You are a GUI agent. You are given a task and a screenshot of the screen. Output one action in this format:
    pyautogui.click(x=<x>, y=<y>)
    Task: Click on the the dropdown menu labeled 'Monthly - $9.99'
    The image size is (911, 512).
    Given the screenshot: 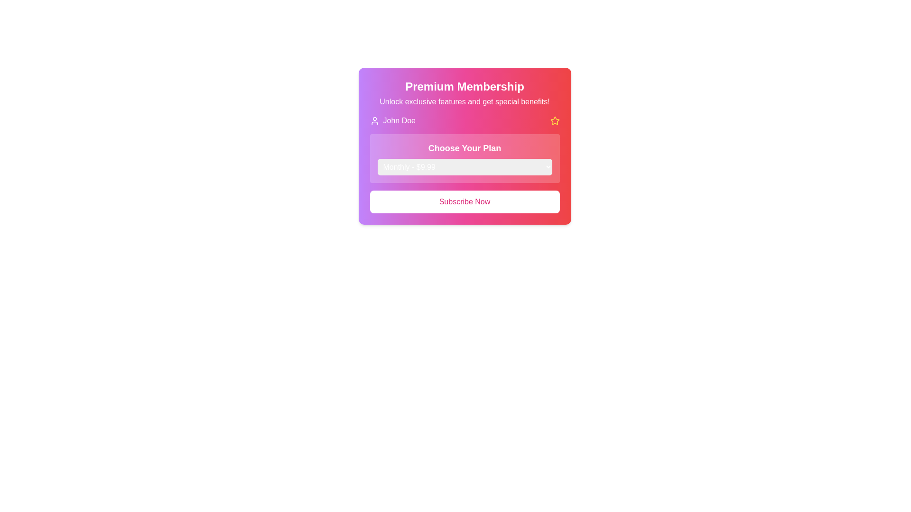 What is the action you would take?
    pyautogui.click(x=465, y=166)
    